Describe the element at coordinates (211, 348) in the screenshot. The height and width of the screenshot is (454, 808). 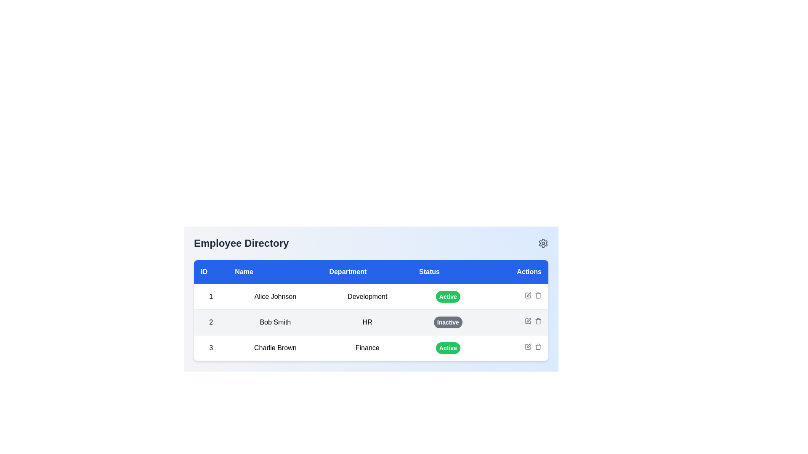
I see `the numeric identifier '3' located in the first column of the last row of the employee data table, which is directly beside 'Charlie Brown'` at that location.